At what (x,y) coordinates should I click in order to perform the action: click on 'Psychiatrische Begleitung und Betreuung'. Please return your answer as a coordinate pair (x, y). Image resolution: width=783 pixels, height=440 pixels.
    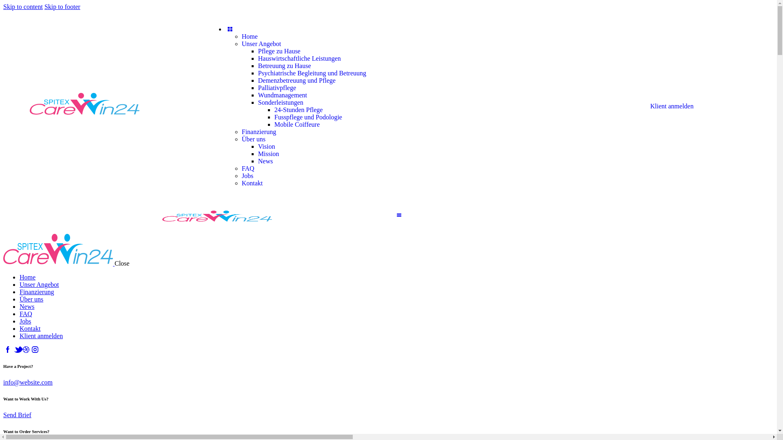
    Looking at the image, I should click on (258, 73).